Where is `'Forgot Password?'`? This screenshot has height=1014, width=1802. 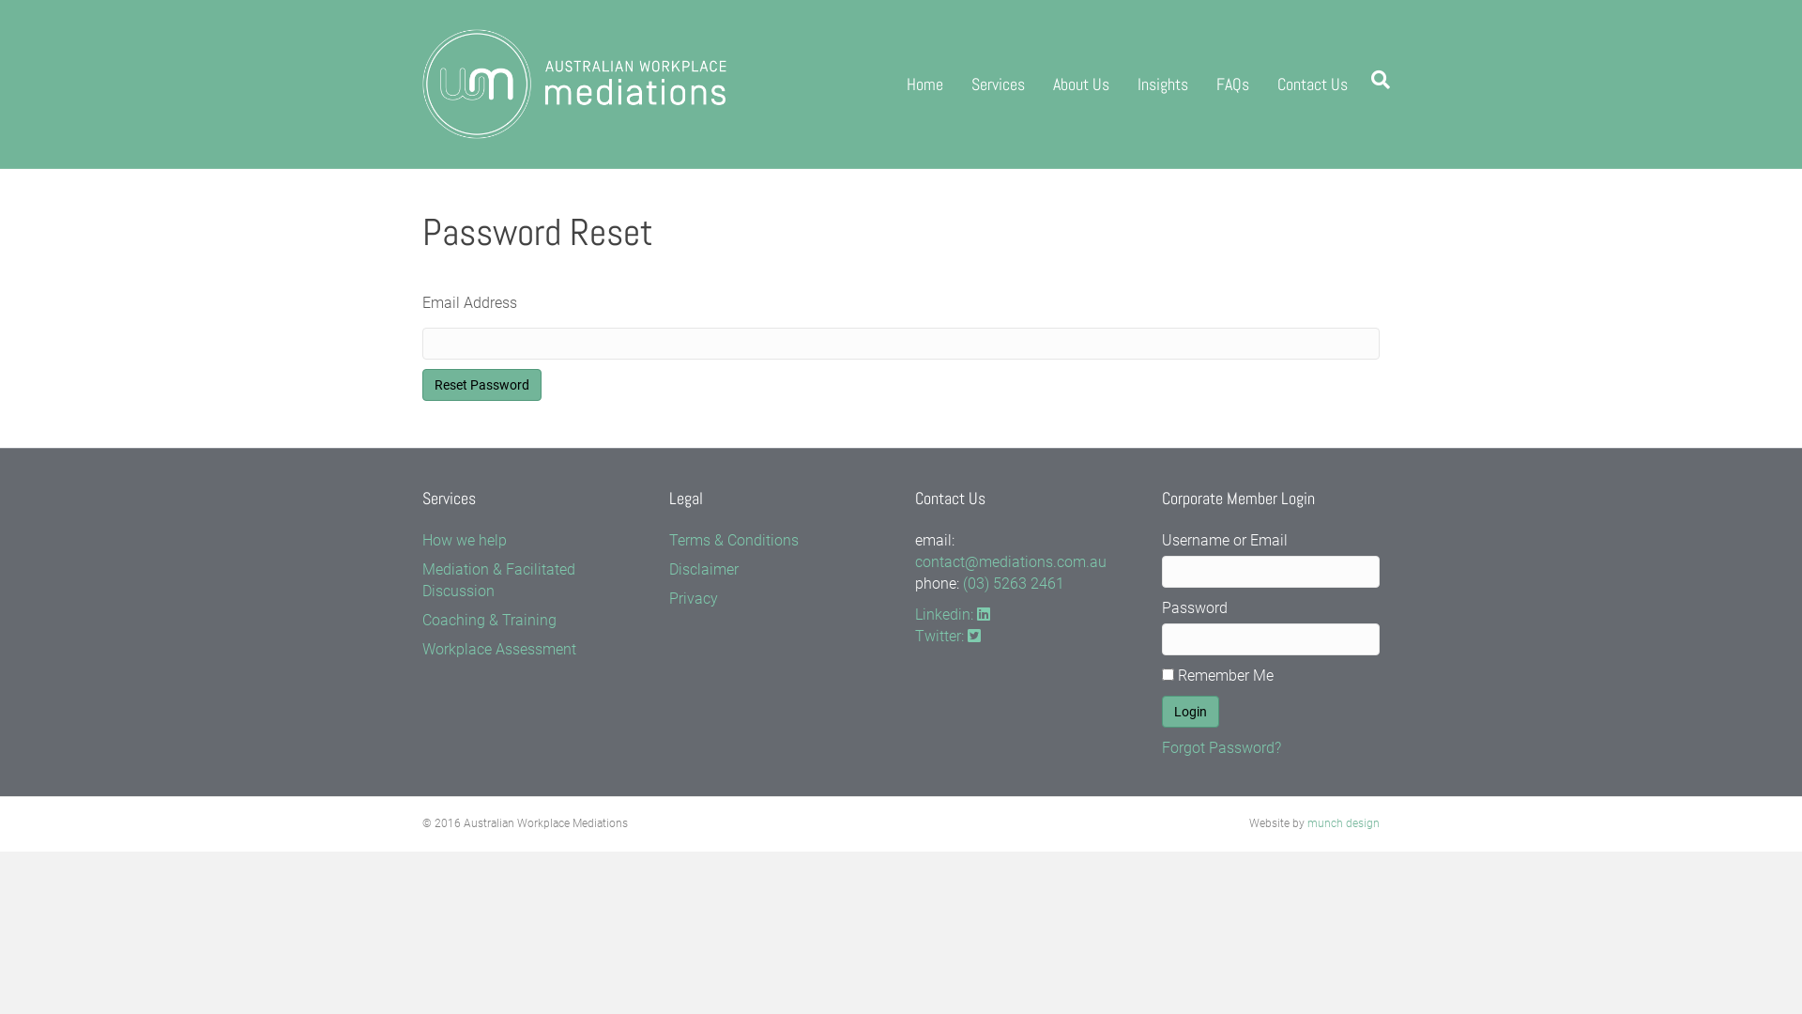 'Forgot Password?' is located at coordinates (1221, 746).